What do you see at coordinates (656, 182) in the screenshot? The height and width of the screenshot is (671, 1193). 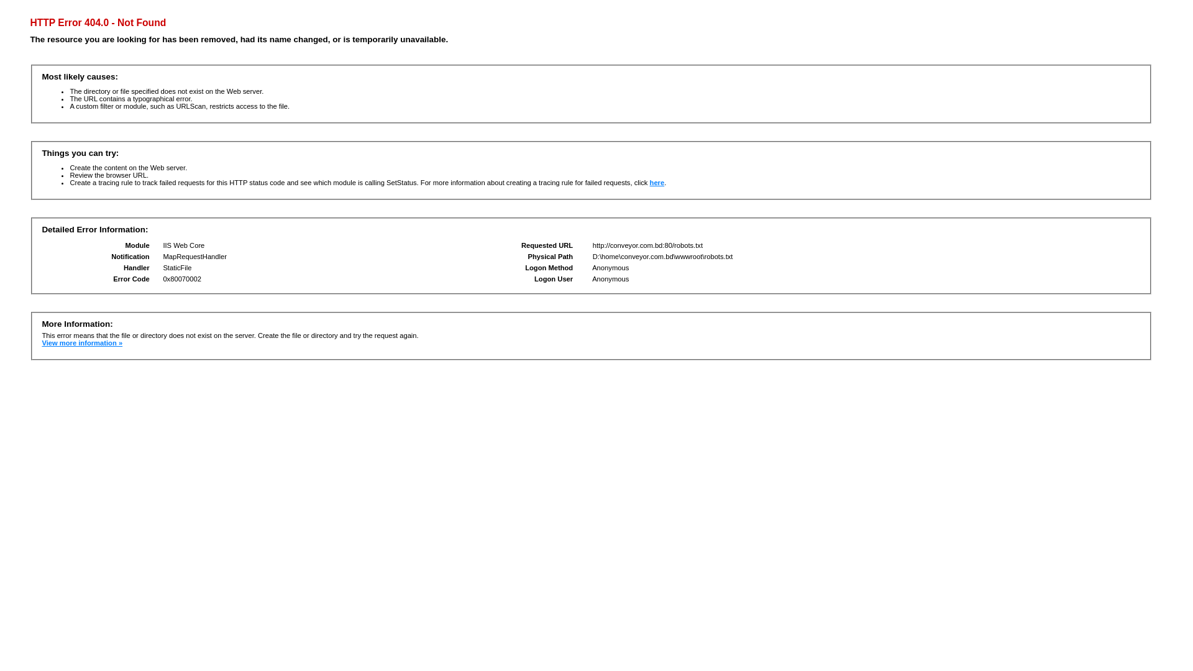 I see `'here'` at bounding box center [656, 182].